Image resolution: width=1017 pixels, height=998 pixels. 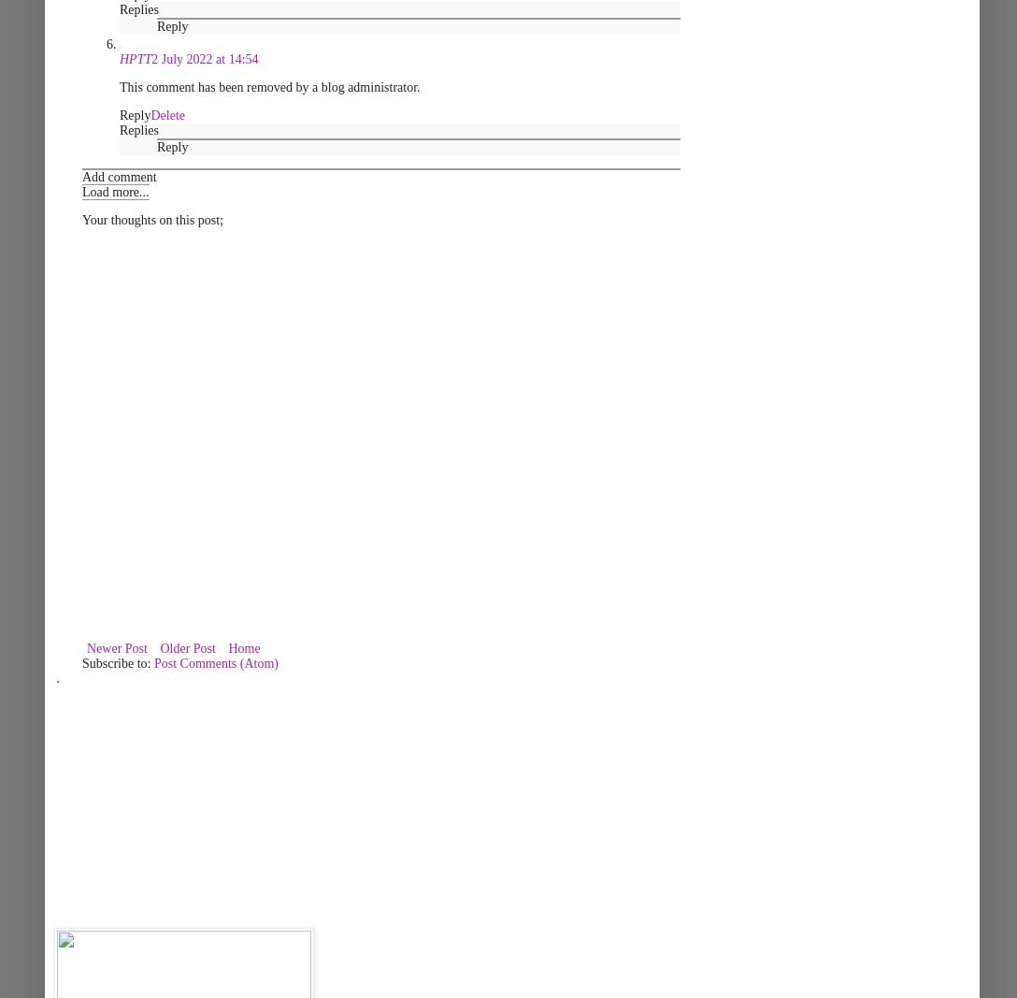 I want to click on 'Home', so click(x=243, y=648).